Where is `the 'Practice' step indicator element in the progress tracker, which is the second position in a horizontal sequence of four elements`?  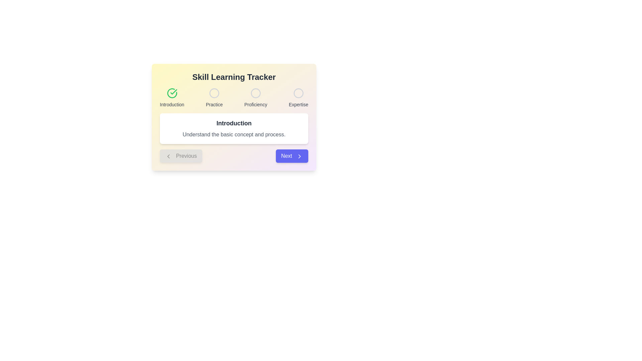 the 'Practice' step indicator element in the progress tracker, which is the second position in a horizontal sequence of four elements is located at coordinates (214, 98).